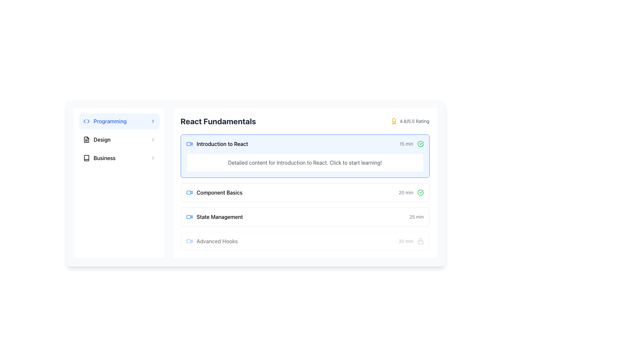  What do you see at coordinates (406, 144) in the screenshot?
I see `the text label indicating the estimated time required to complete the 'Introduction to React' course, positioned at the top-right side of its card` at bounding box center [406, 144].